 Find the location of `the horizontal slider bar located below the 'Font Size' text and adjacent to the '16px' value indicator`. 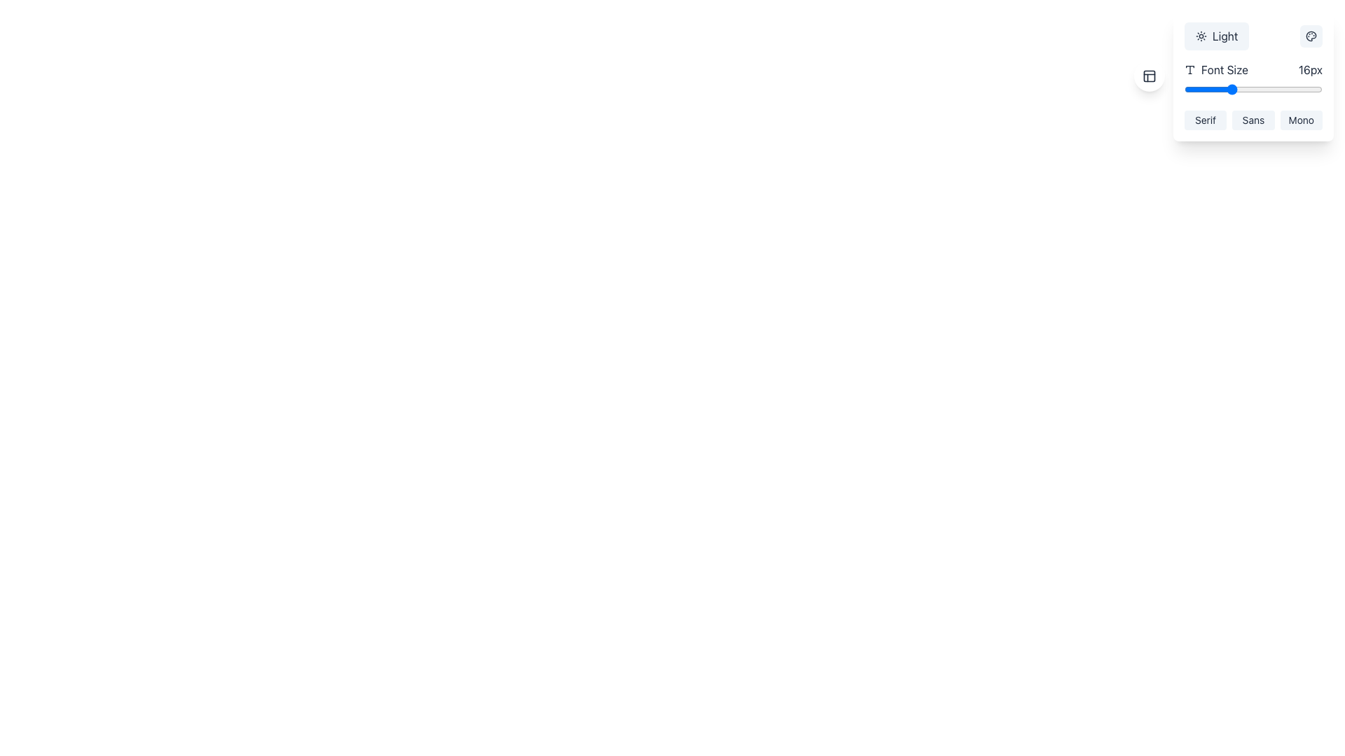

the horizontal slider bar located below the 'Font Size' text and adjacent to the '16px' value indicator is located at coordinates (1253, 89).